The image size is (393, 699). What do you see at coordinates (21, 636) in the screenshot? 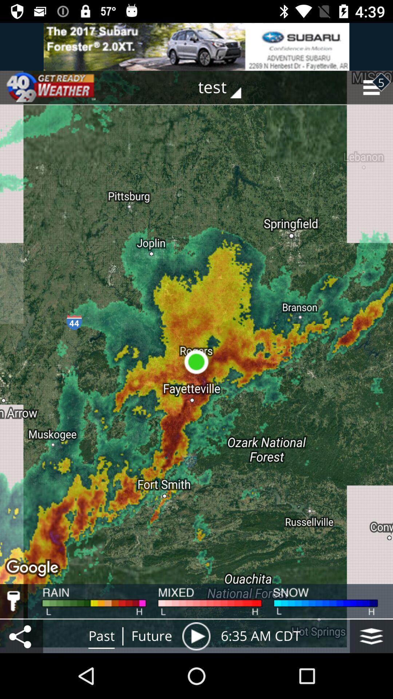
I see `the share icon` at bounding box center [21, 636].